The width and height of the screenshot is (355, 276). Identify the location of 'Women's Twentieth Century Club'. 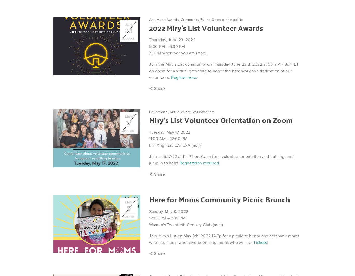
(181, 225).